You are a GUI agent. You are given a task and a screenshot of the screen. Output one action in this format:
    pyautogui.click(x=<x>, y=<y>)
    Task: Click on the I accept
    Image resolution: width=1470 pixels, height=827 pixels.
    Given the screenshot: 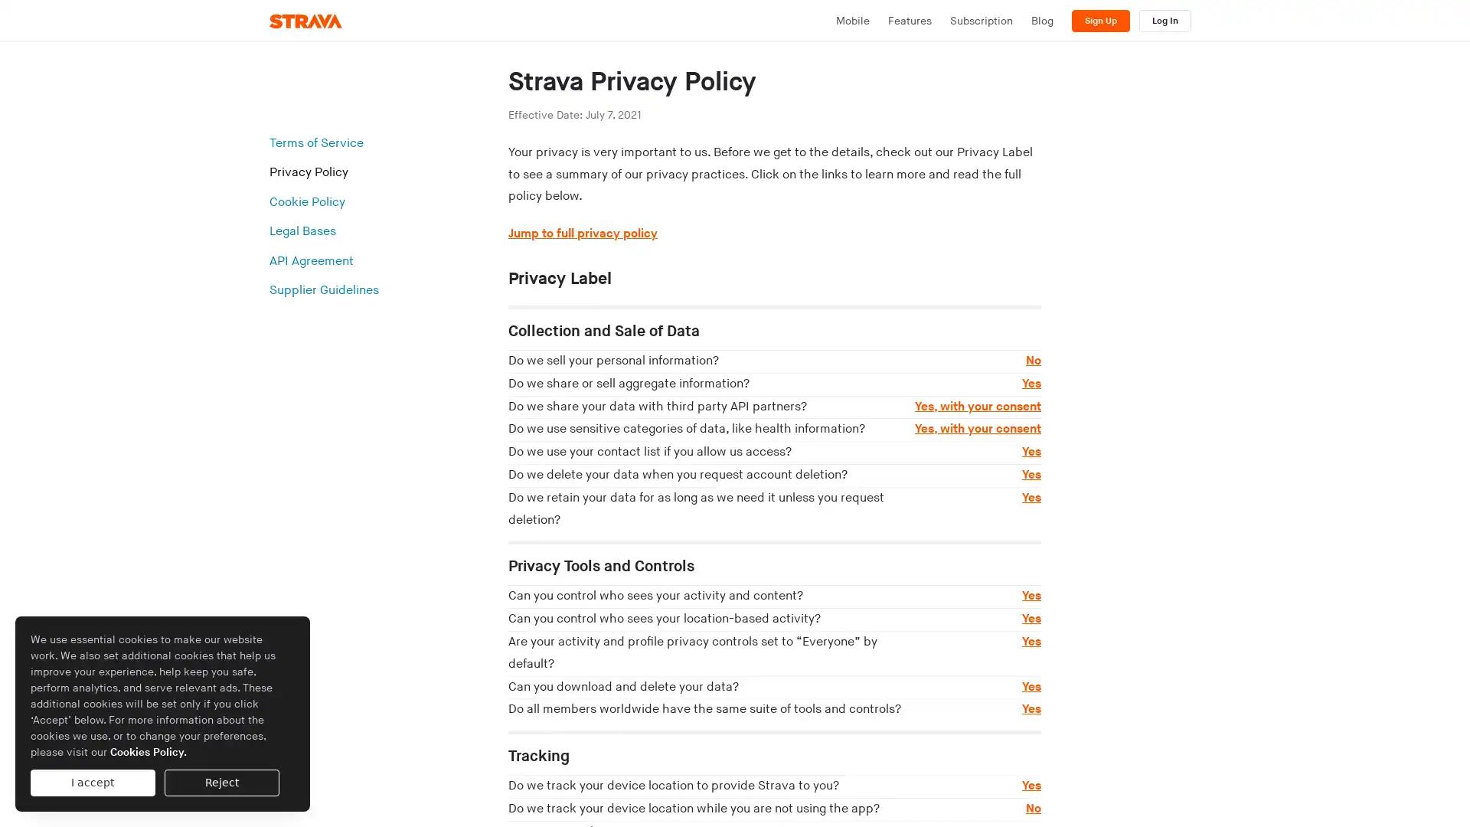 What is the action you would take?
    pyautogui.click(x=91, y=783)
    